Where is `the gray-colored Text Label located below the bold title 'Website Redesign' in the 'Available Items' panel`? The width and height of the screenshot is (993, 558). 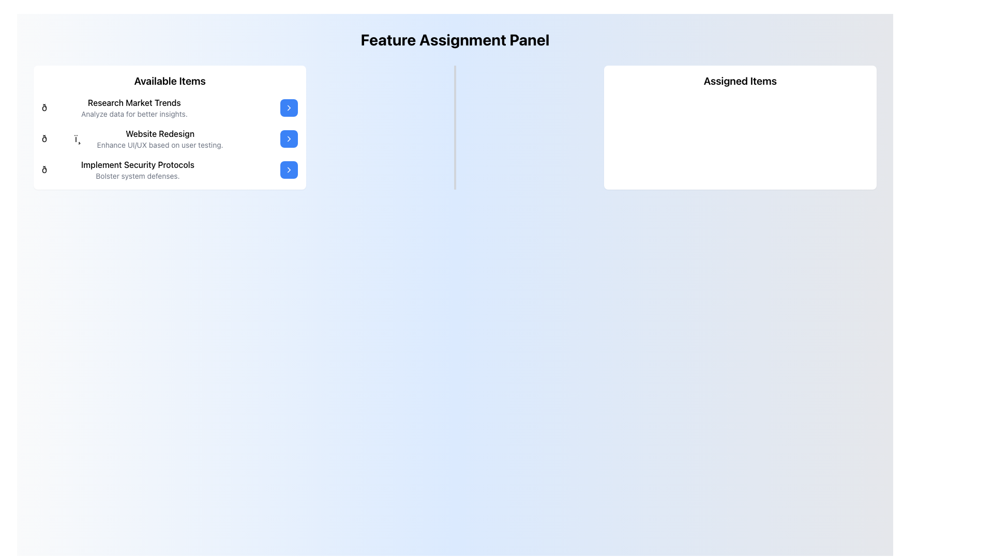
the gray-colored Text Label located below the bold title 'Website Redesign' in the 'Available Items' panel is located at coordinates (159, 145).